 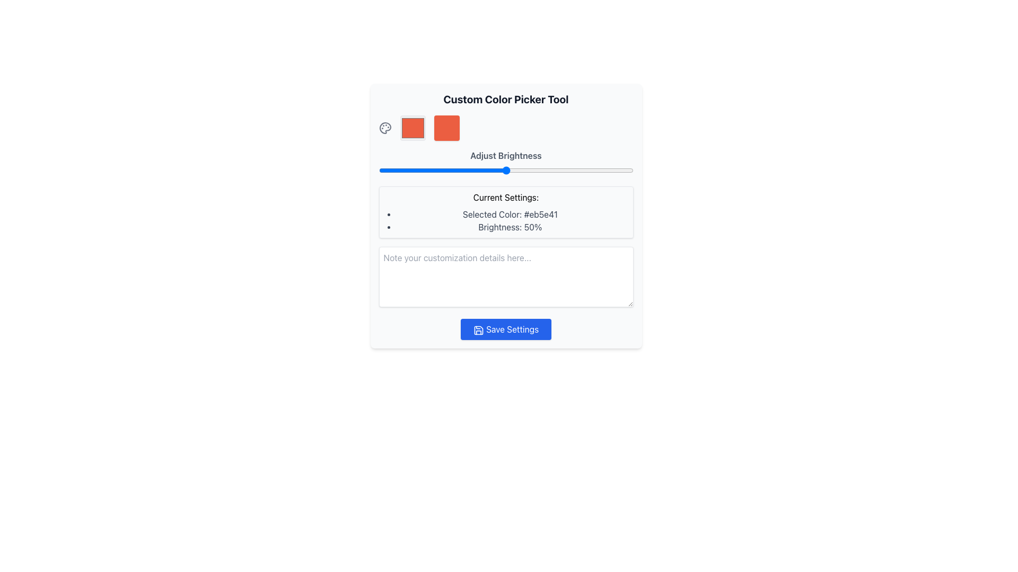 I want to click on the Text Label that displays the currently selected color in hexadecimal format, located in the 'Current Settings' section of the interface, so click(x=510, y=215).